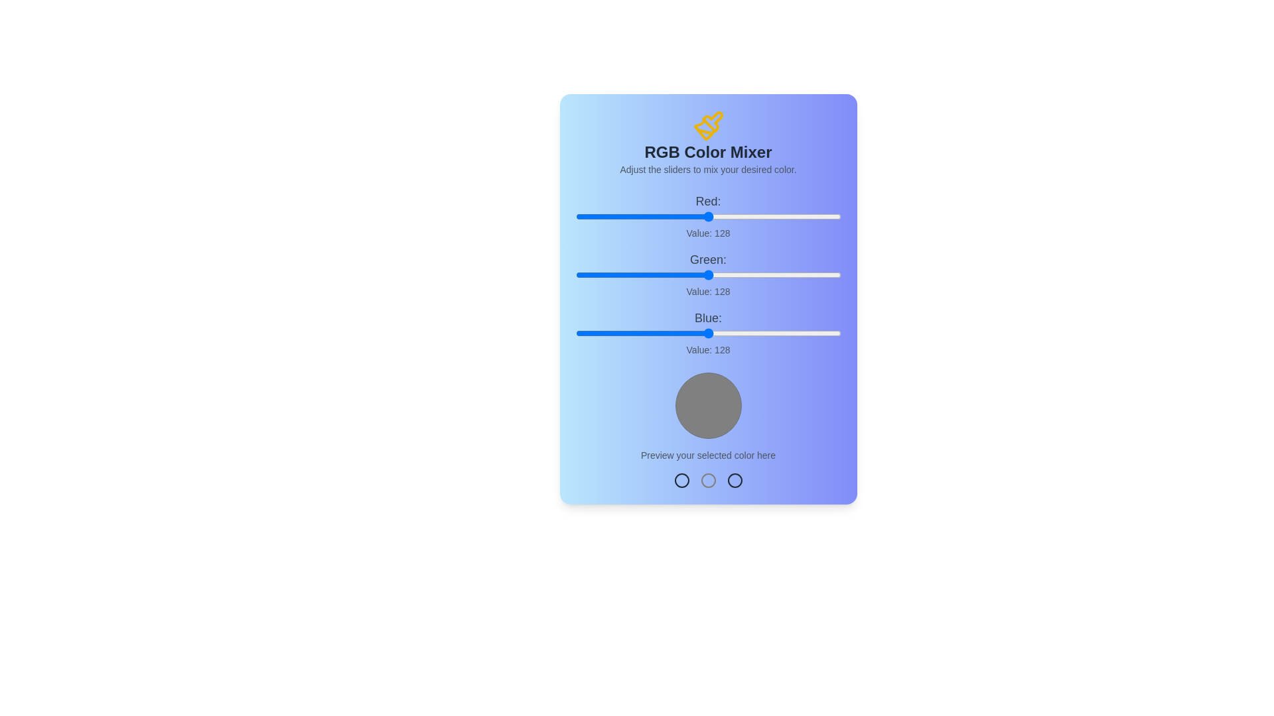  Describe the element at coordinates (795, 332) in the screenshot. I see `the blue slider to set the blue component to 211` at that location.